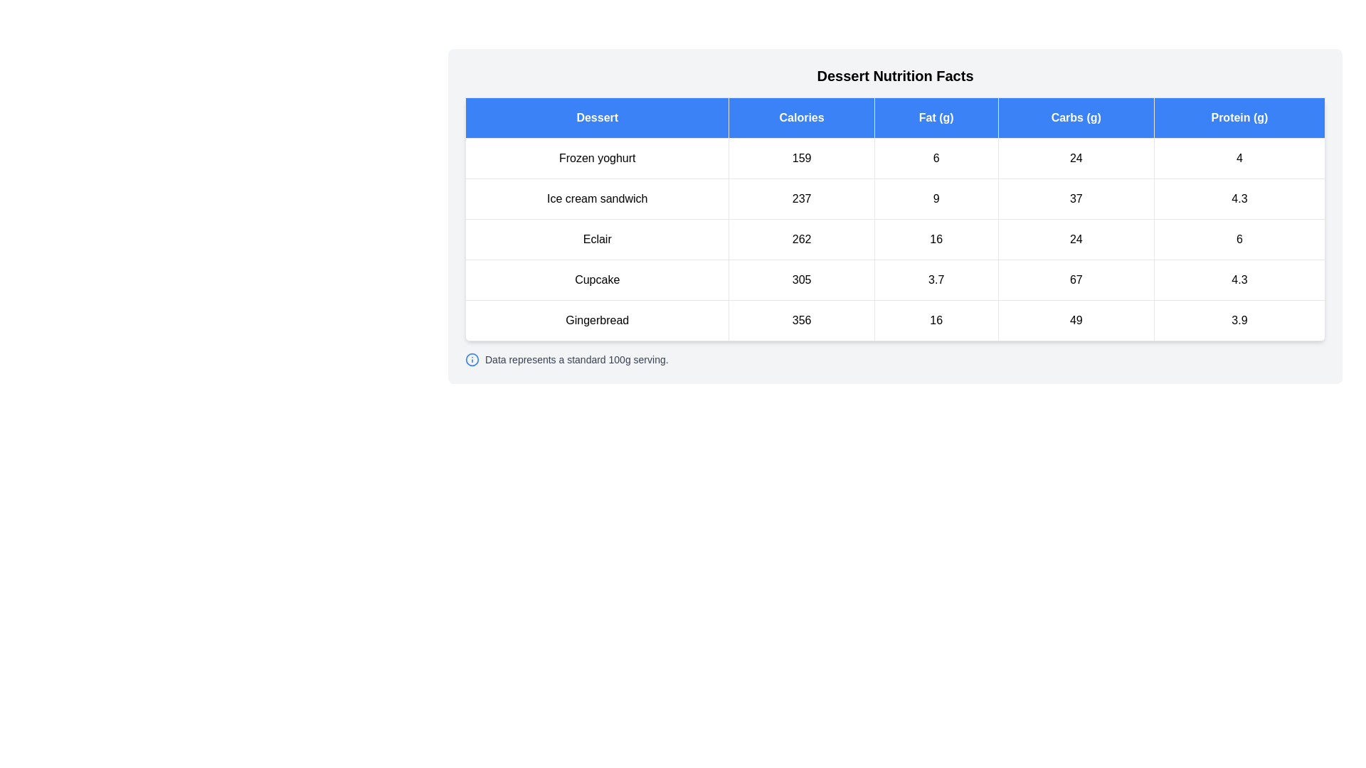  Describe the element at coordinates (894, 321) in the screenshot. I see `the row corresponding to Gingerbread` at that location.